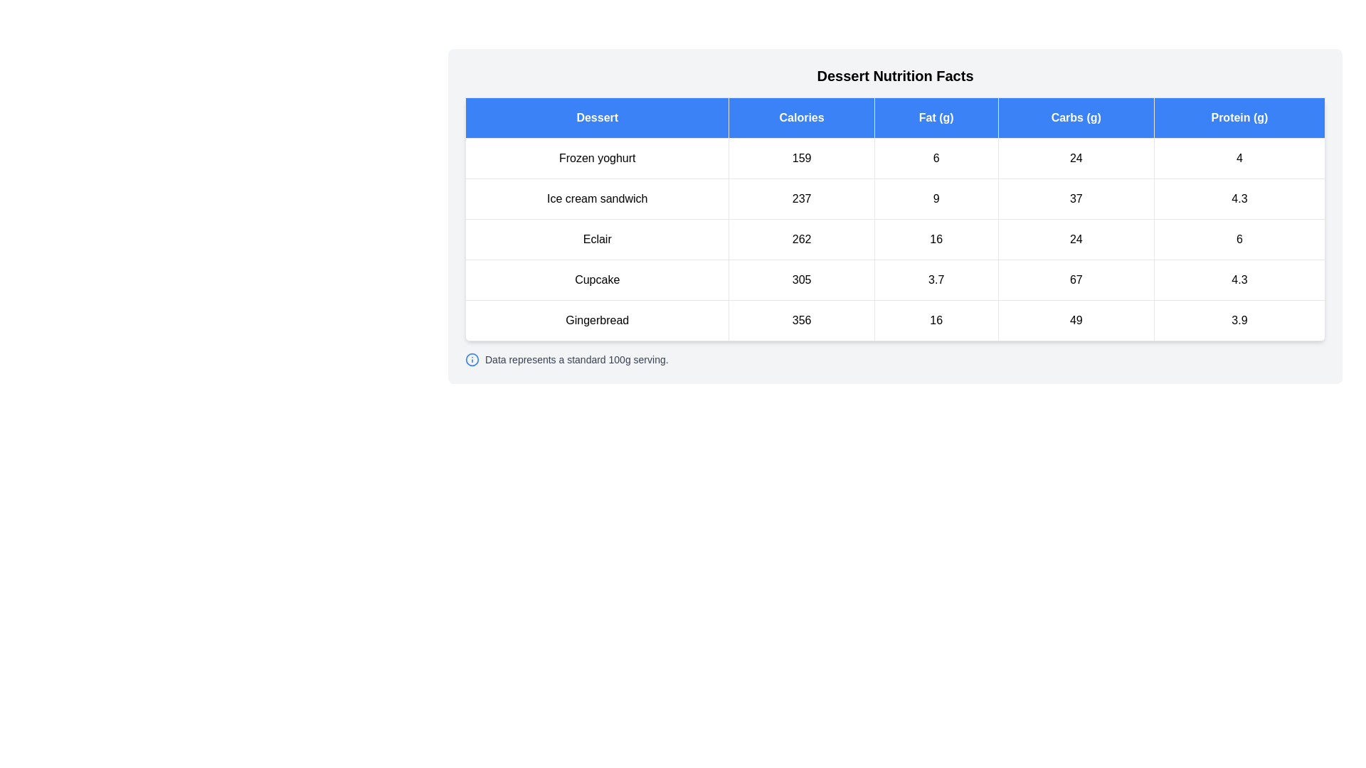  Describe the element at coordinates (894, 321) in the screenshot. I see `the row corresponding to Gingerbread` at that location.